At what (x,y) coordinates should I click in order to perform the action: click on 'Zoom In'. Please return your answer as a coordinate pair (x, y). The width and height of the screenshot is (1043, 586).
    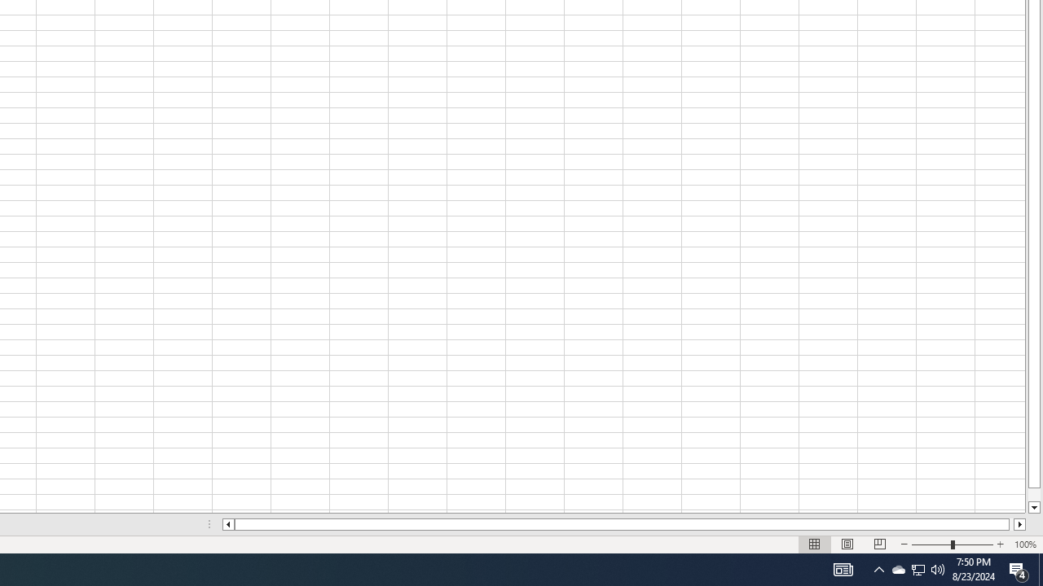
    Looking at the image, I should click on (999, 544).